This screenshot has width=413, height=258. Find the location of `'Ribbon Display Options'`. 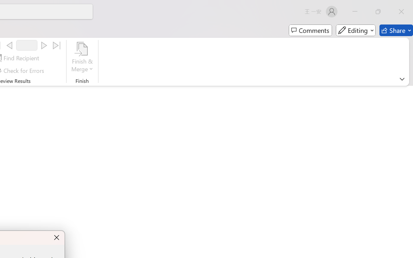

'Ribbon Display Options' is located at coordinates (402, 79).